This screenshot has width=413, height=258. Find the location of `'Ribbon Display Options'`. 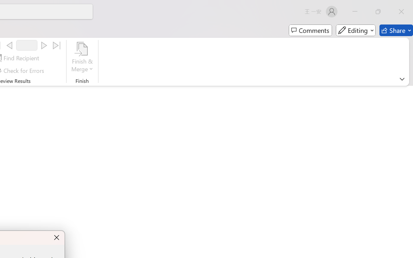

'Ribbon Display Options' is located at coordinates (402, 79).